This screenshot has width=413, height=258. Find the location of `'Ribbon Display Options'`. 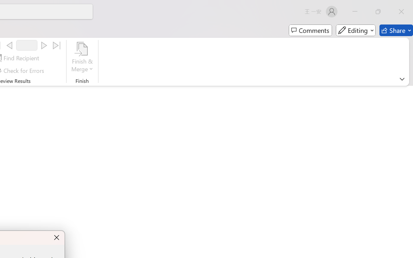

'Ribbon Display Options' is located at coordinates (402, 79).